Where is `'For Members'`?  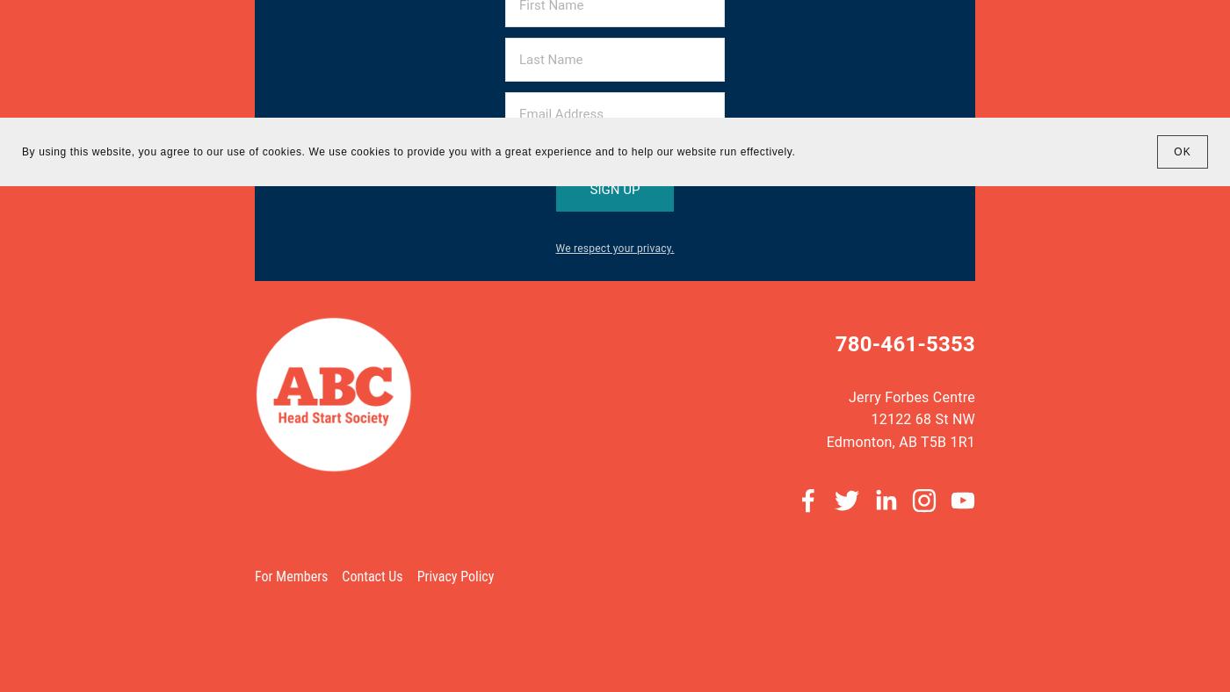 'For Members' is located at coordinates (291, 575).